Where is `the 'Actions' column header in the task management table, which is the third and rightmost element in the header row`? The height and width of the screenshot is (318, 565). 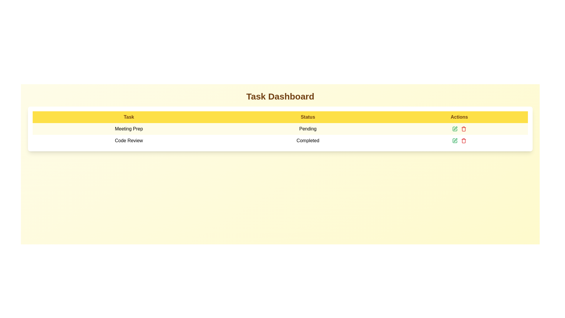 the 'Actions' column header in the task management table, which is the third and rightmost element in the header row is located at coordinates (459, 117).